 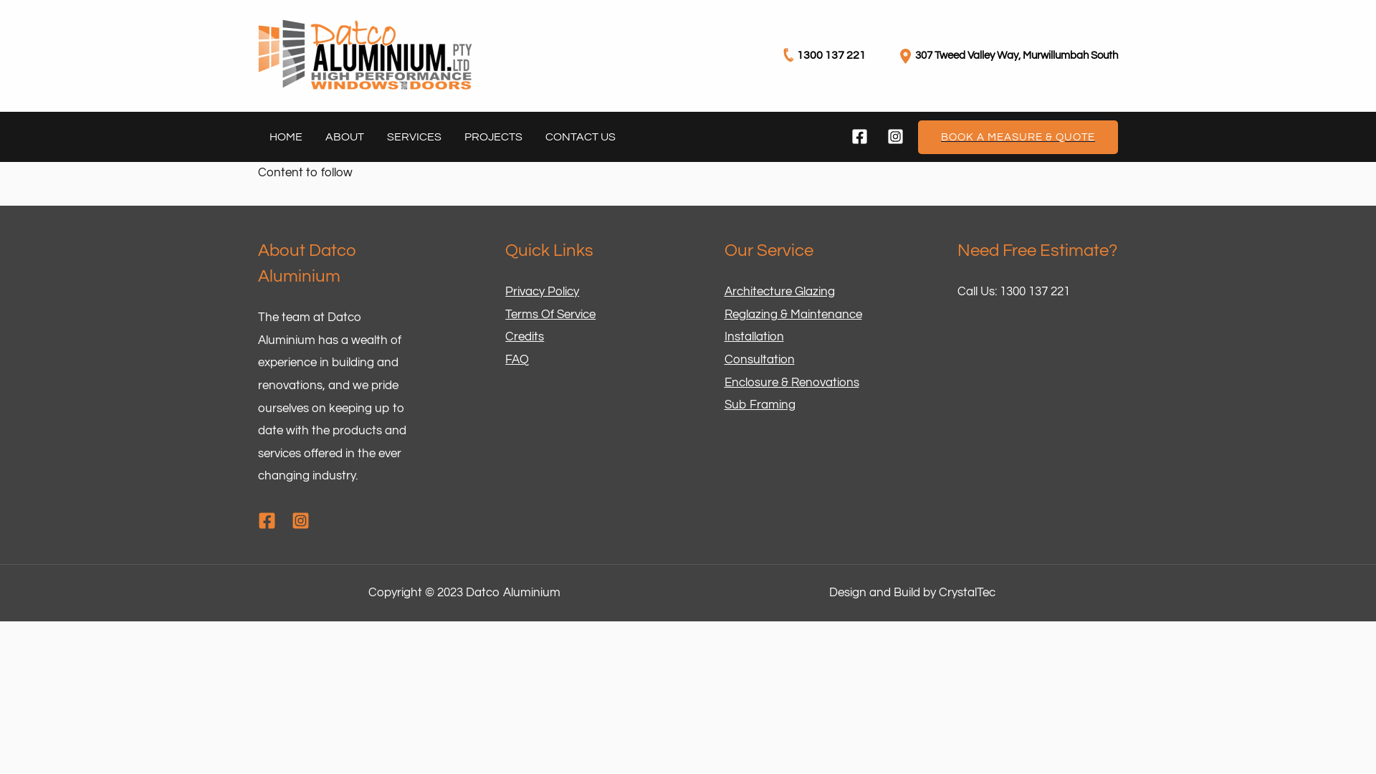 I want to click on 'Terms Of Service', so click(x=550, y=314).